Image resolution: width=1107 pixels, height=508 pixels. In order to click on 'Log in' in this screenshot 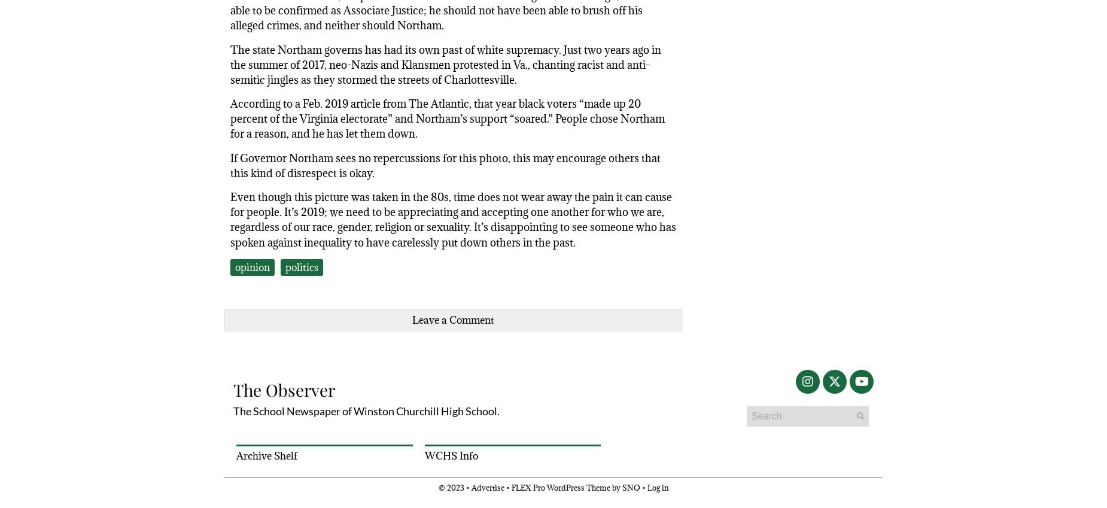, I will do `click(657, 487)`.